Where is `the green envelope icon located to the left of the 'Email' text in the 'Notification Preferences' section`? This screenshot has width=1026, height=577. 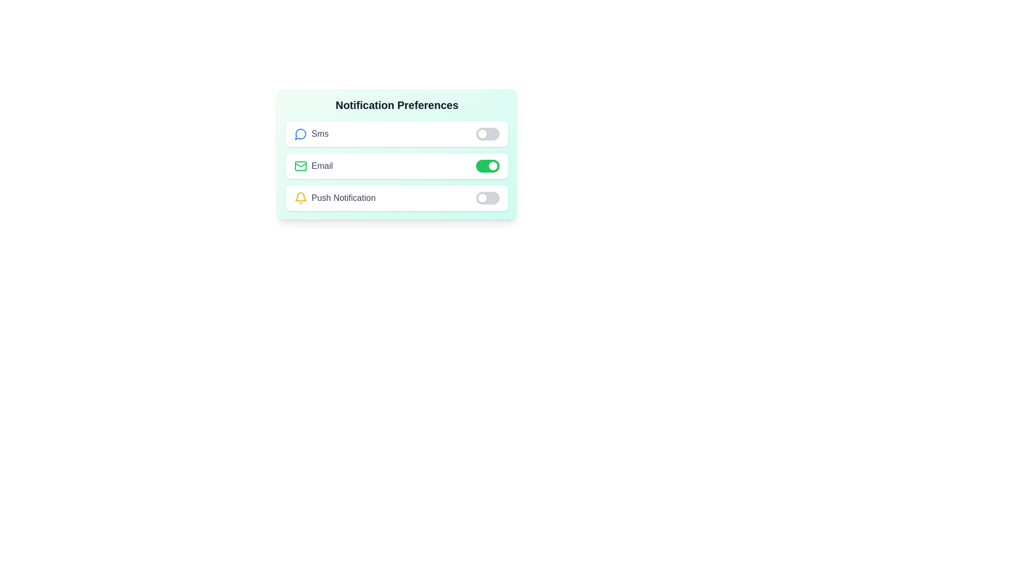 the green envelope icon located to the left of the 'Email' text in the 'Notification Preferences' section is located at coordinates (300, 166).